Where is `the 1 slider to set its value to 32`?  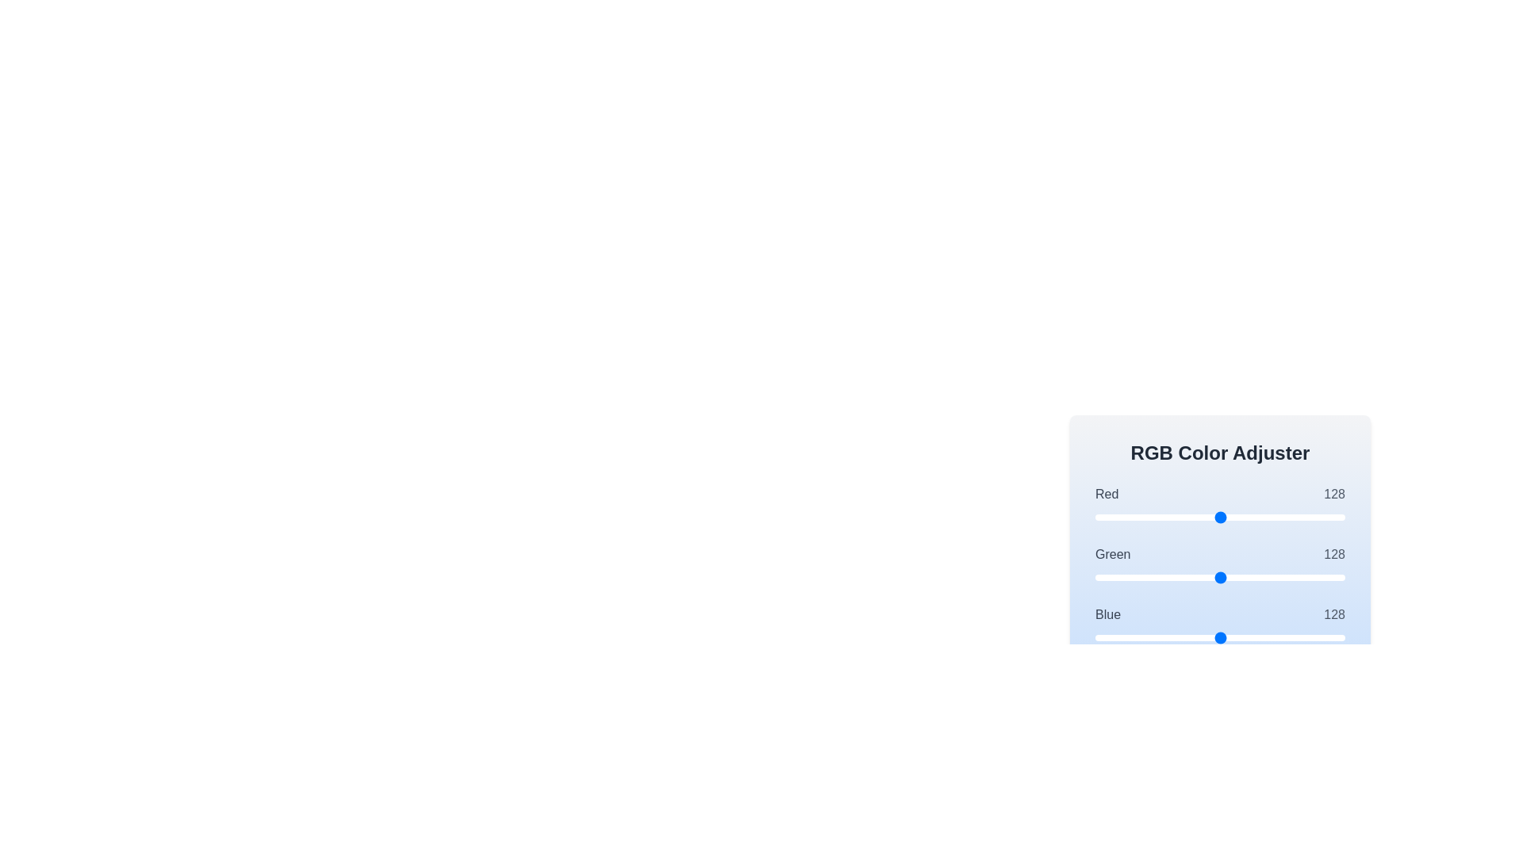
the 1 slider to set its value to 32 is located at coordinates (1126, 578).